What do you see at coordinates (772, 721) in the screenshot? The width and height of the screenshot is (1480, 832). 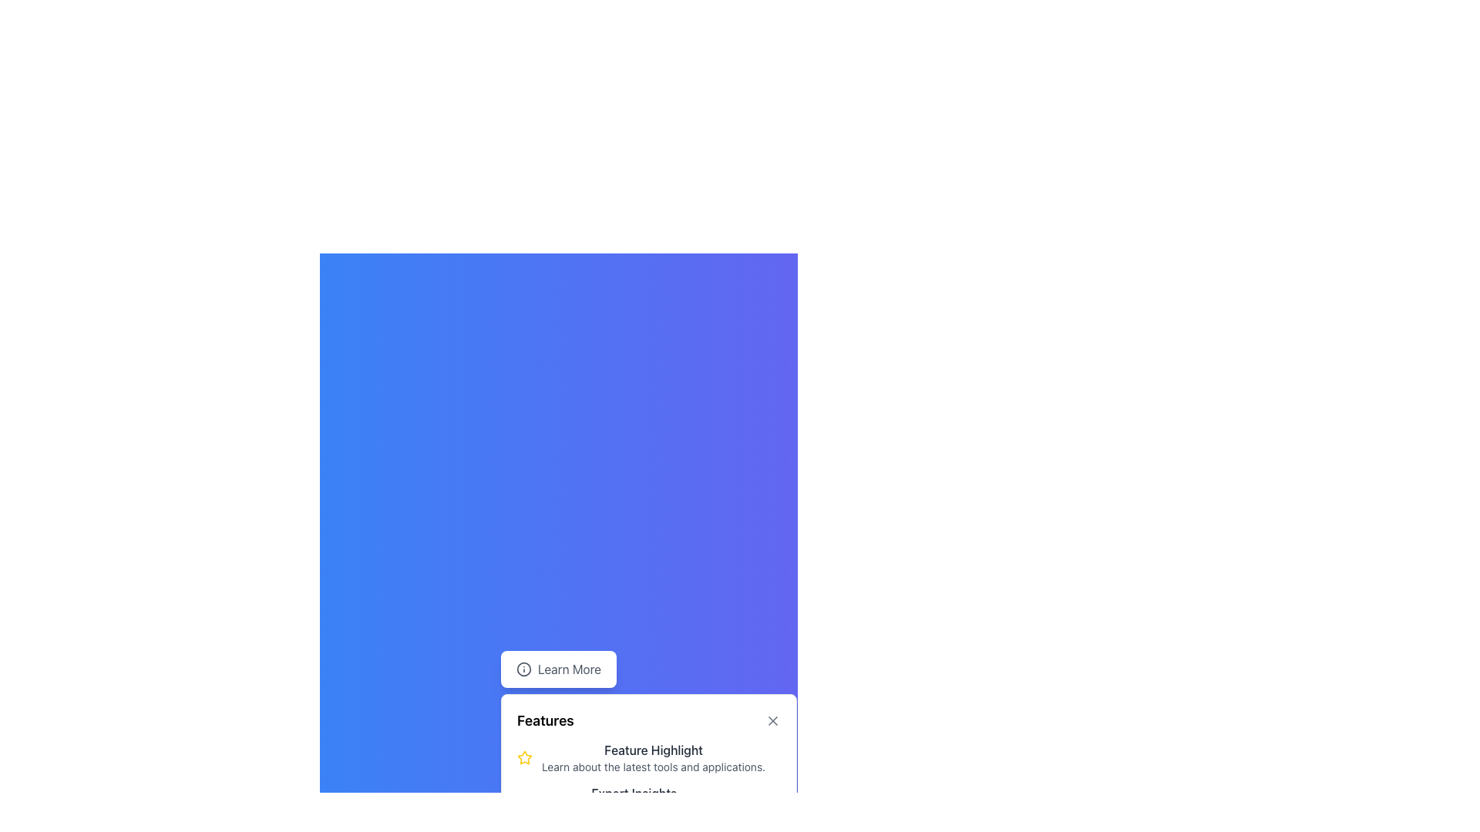 I see `the gray 'X' button located at the top-right corner of the 'Features' section` at bounding box center [772, 721].